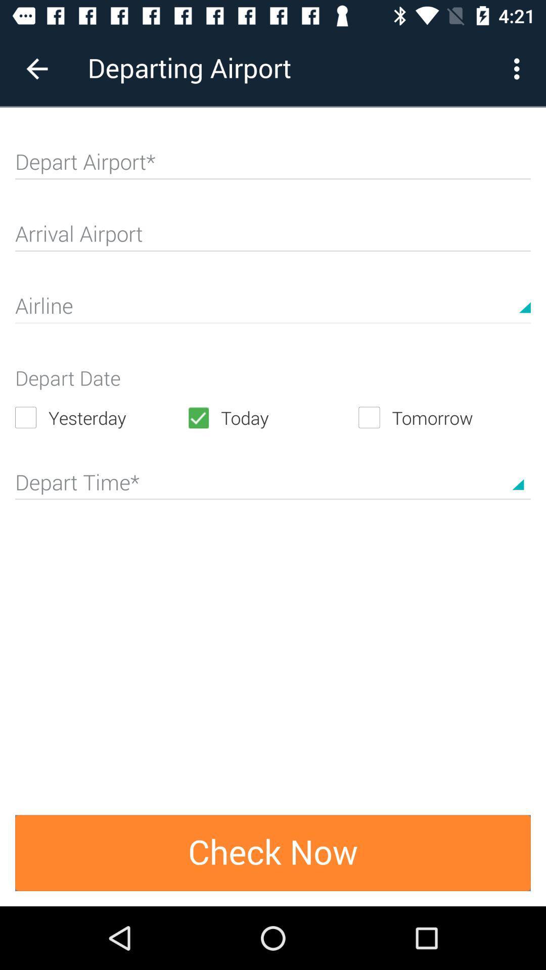 This screenshot has height=970, width=546. What do you see at coordinates (273, 310) in the screenshot?
I see `airline` at bounding box center [273, 310].